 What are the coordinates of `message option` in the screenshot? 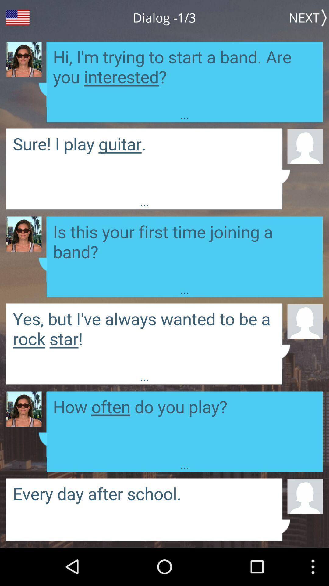 It's located at (144, 161).